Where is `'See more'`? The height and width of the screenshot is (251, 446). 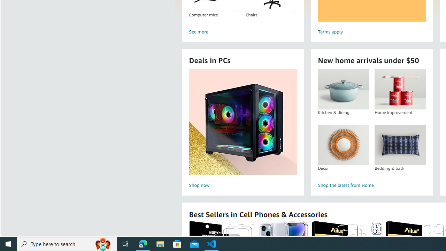
'See more' is located at coordinates (243, 32).